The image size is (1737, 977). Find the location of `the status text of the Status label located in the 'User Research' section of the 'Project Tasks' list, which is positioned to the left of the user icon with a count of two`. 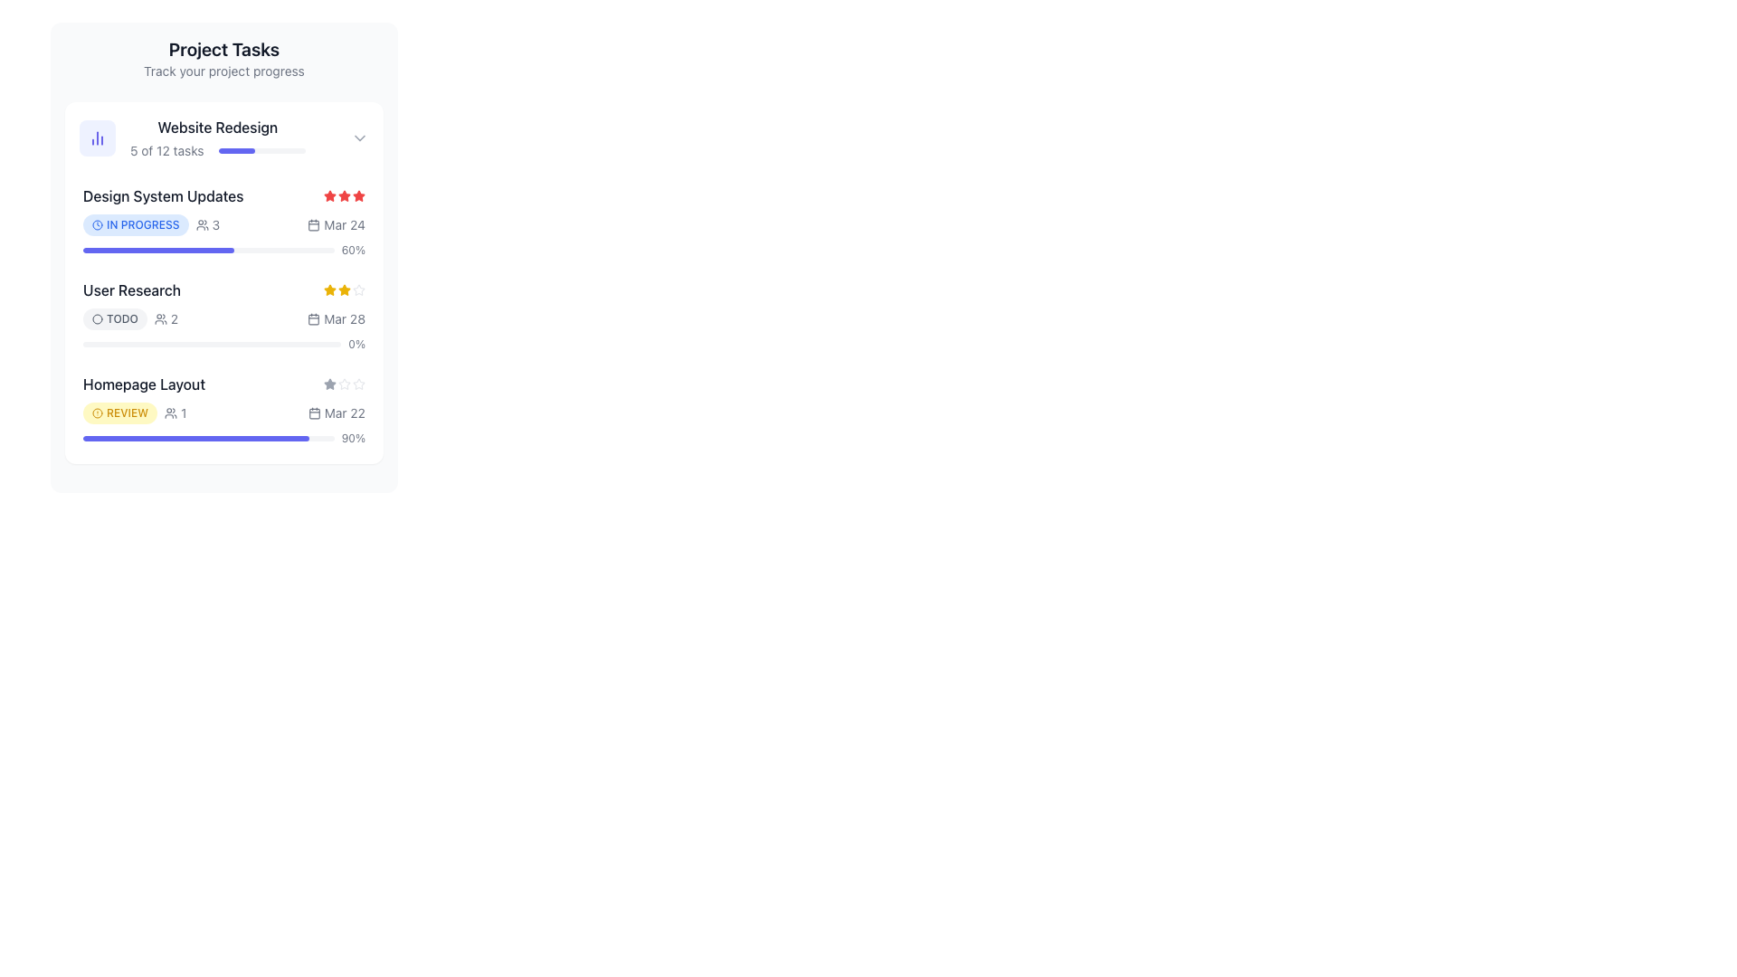

the status text of the Status label located in the 'User Research' section of the 'Project Tasks' list, which is positioned to the left of the user icon with a count of two is located at coordinates (129, 318).